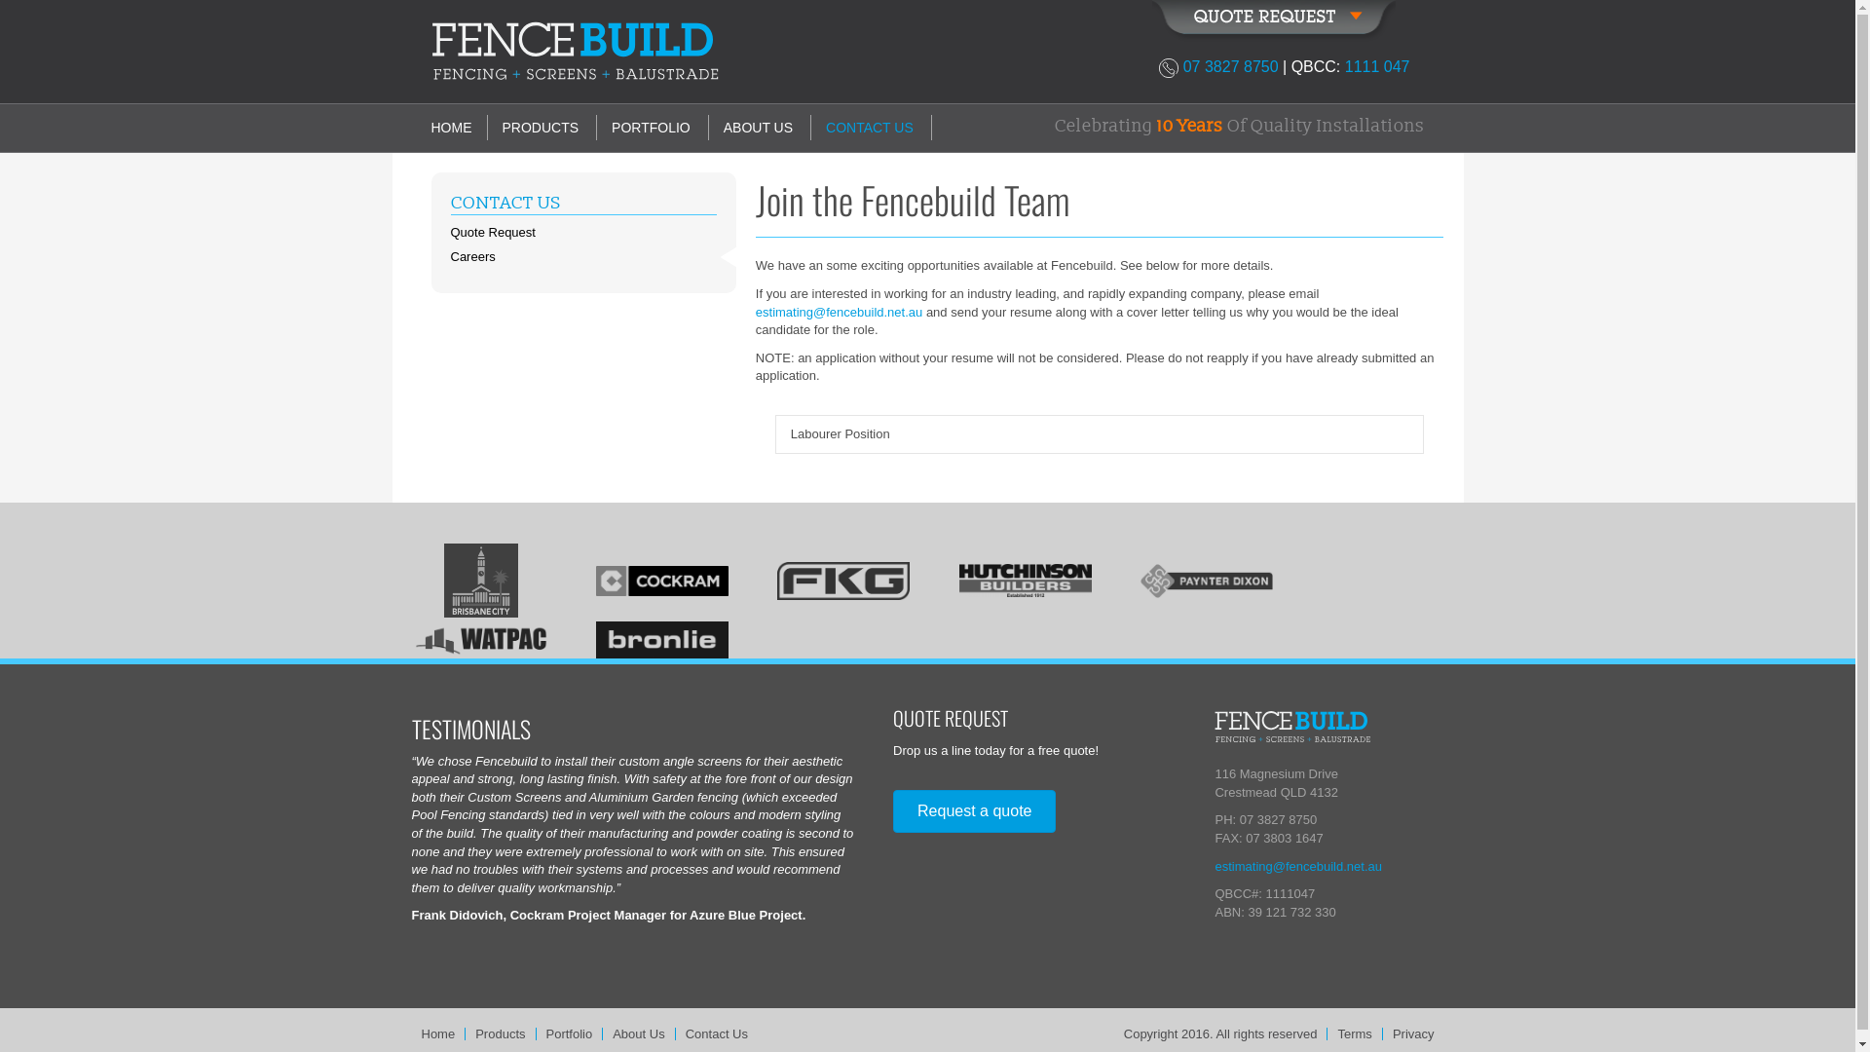  Describe the element at coordinates (457, 128) in the screenshot. I see `'HOME'` at that location.